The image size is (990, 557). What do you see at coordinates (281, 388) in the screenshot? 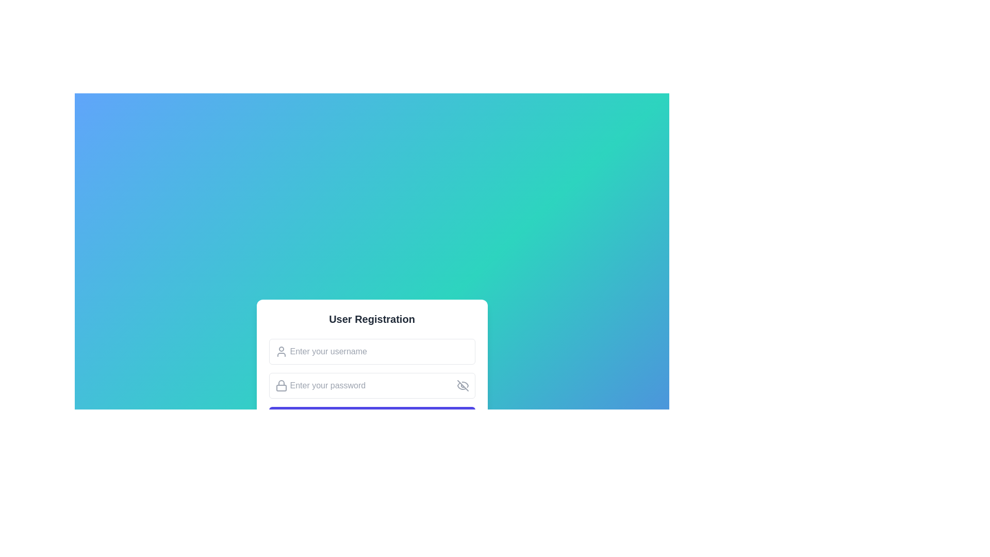
I see `the decorative UI feature element, which is a small rectangle with rounded corners embedded within a lock icon, located on the left side of the password input field` at bounding box center [281, 388].